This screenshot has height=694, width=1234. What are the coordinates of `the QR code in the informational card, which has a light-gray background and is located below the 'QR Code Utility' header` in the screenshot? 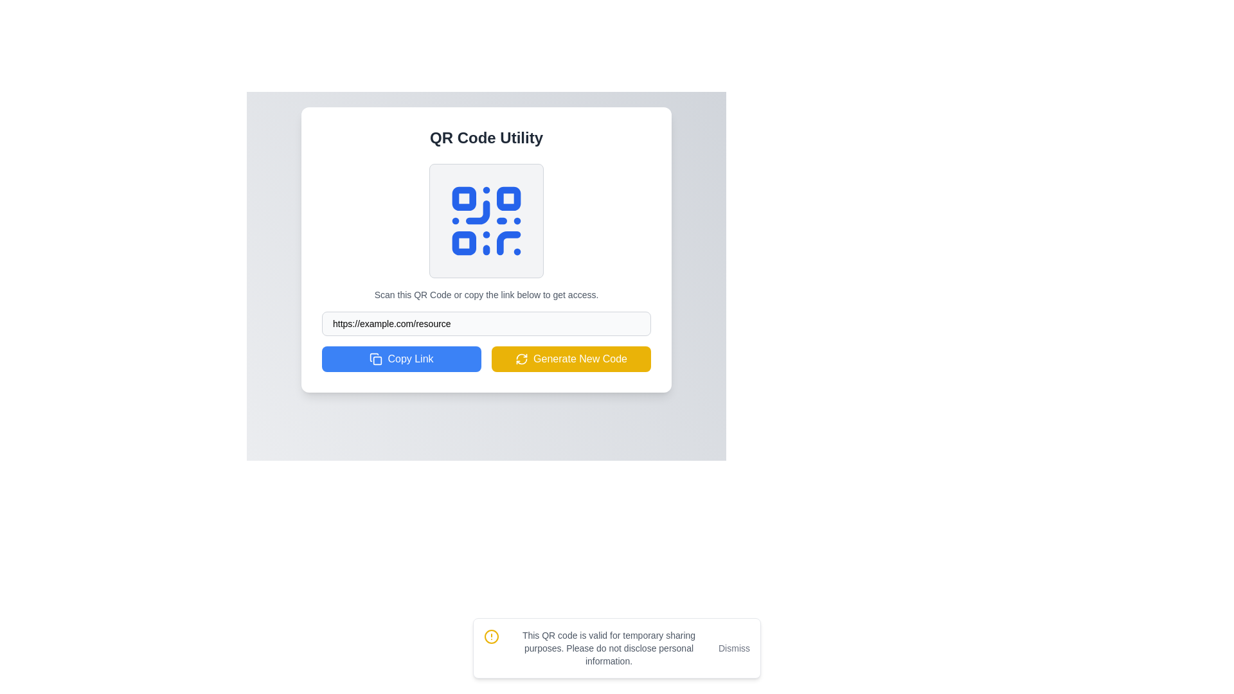 It's located at (486, 233).